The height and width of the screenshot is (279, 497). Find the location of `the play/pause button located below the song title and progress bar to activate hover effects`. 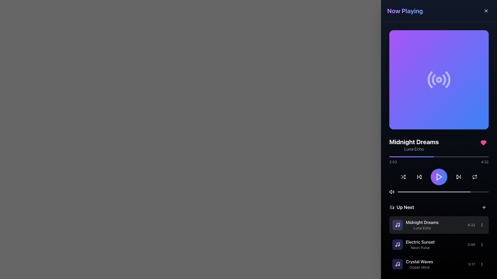

the play/pause button located below the song title and progress bar to activate hover effects is located at coordinates (438, 177).